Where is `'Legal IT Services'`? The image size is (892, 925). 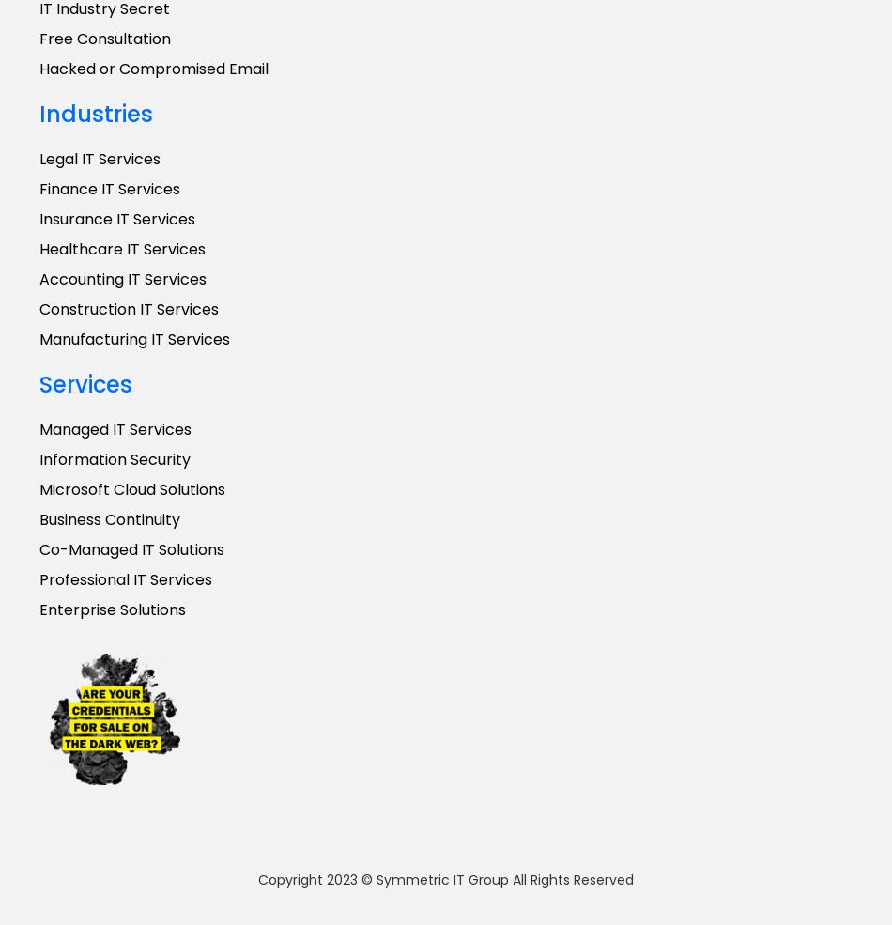 'Legal IT Services' is located at coordinates (100, 159).